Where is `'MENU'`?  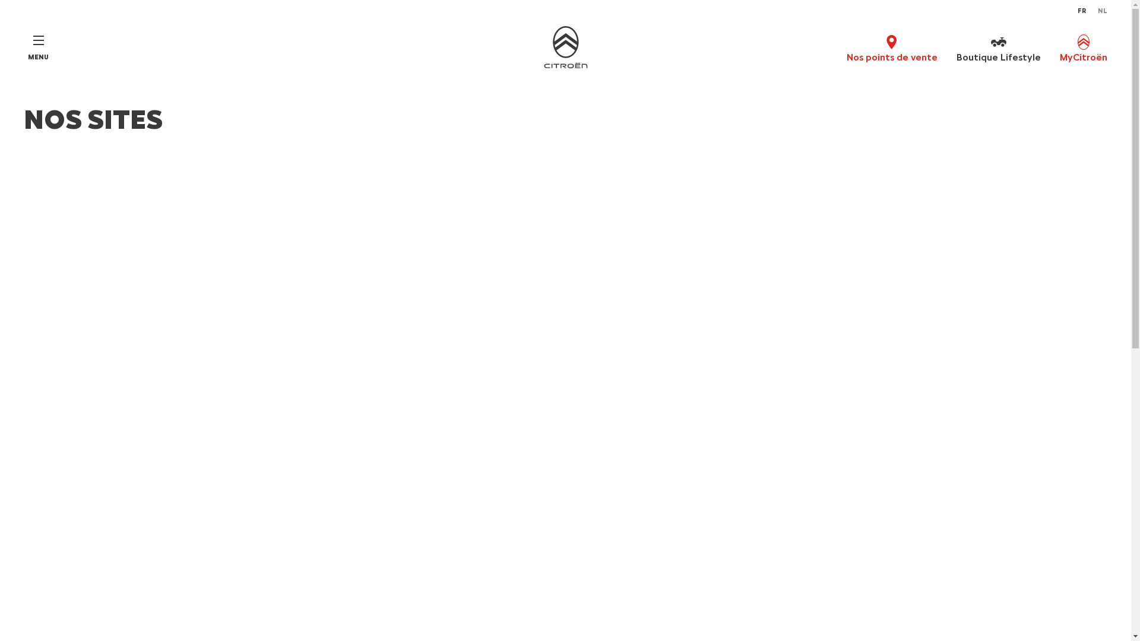
'MENU' is located at coordinates (23, 47).